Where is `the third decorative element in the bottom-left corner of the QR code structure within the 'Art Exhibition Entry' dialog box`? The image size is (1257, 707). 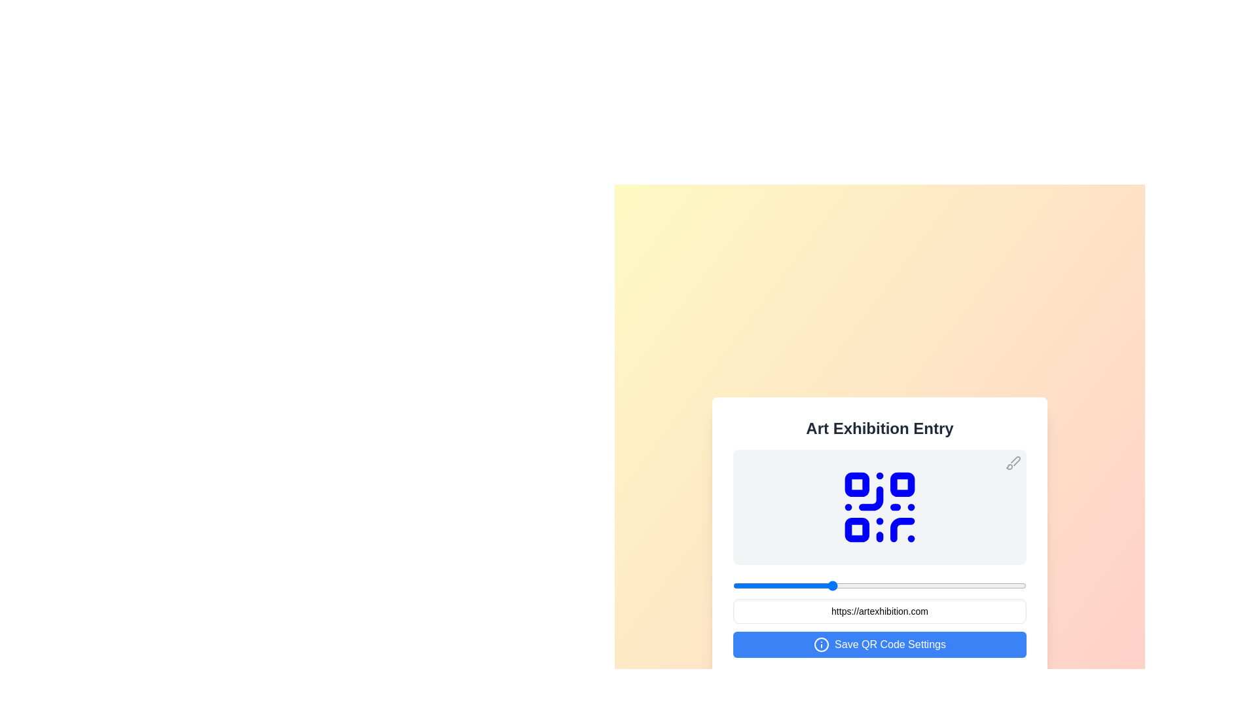 the third decorative element in the bottom-left corner of the QR code structure within the 'Art Exhibition Entry' dialog box is located at coordinates (857, 529).